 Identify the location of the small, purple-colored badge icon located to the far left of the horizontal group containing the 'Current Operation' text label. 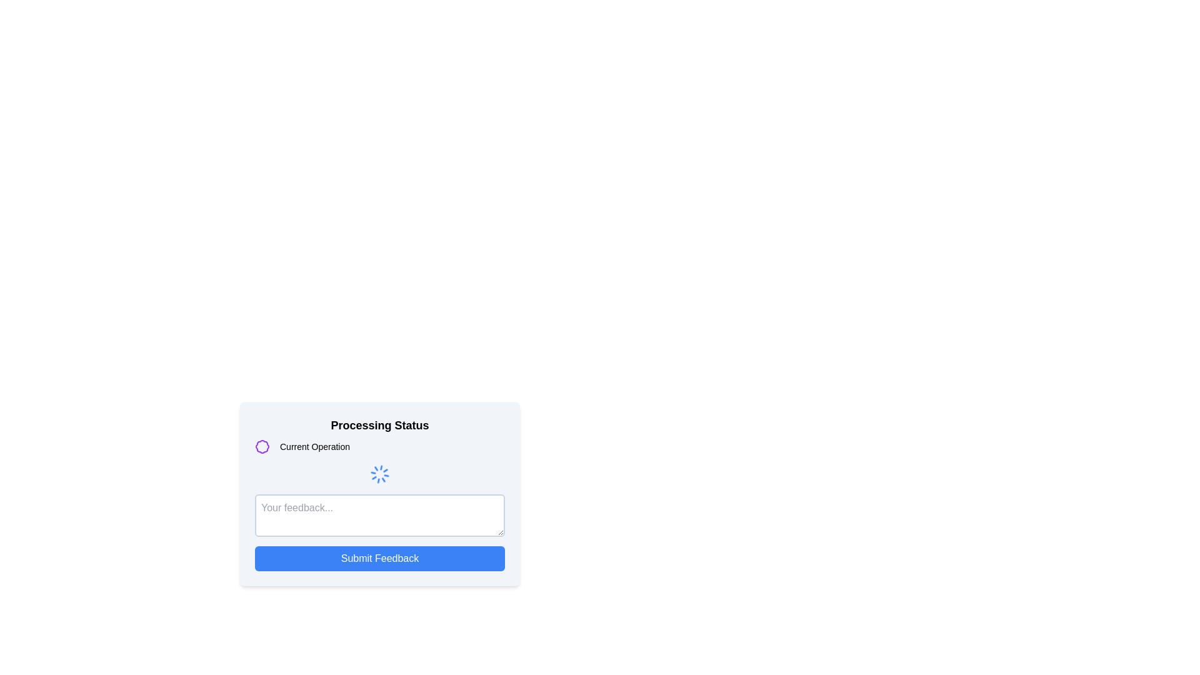
(262, 446).